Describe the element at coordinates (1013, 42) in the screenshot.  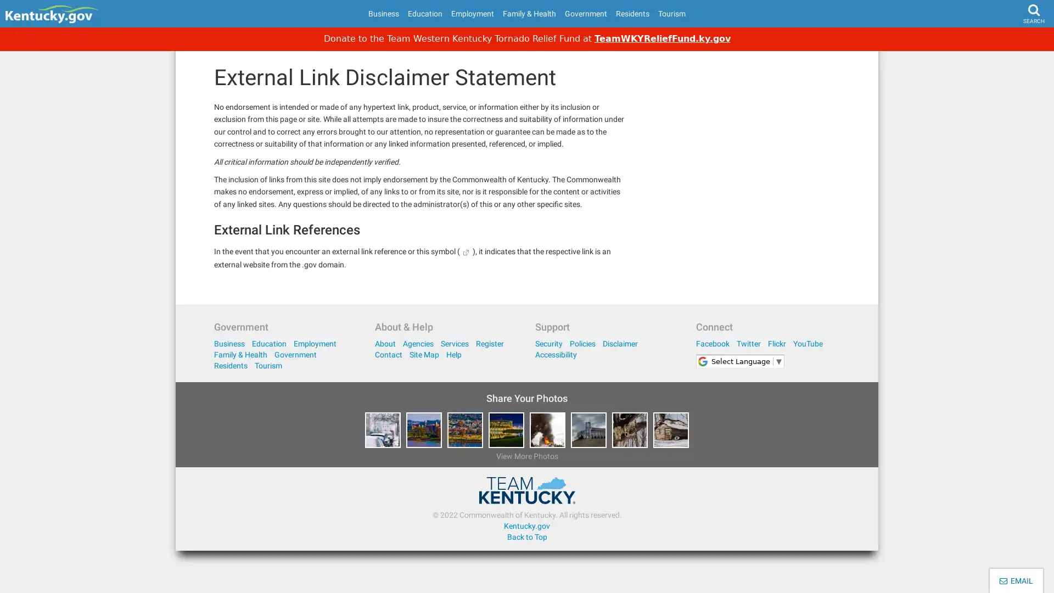
I see `Search` at that location.